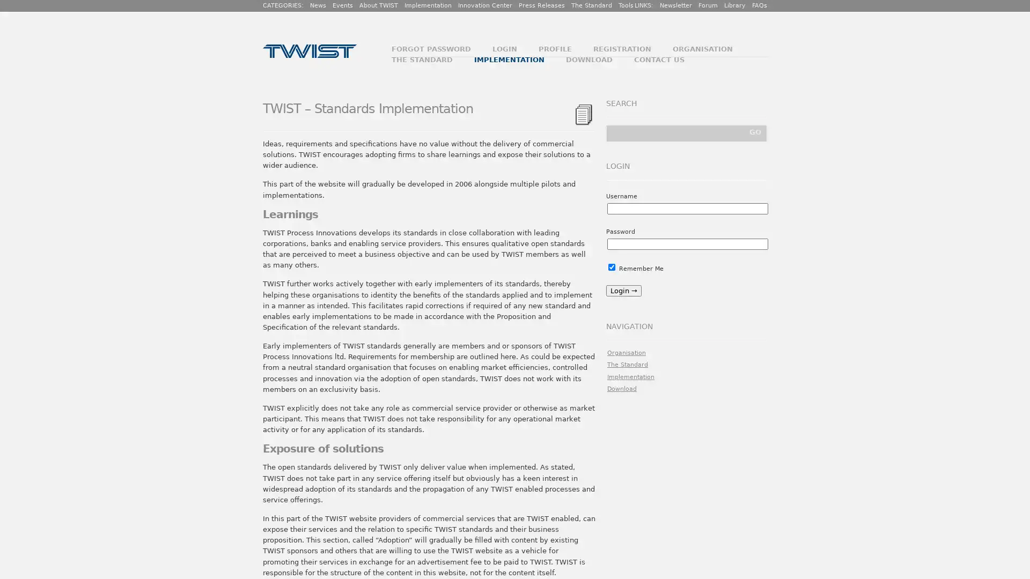 This screenshot has width=1030, height=579. Describe the element at coordinates (754, 131) in the screenshot. I see `GO` at that location.